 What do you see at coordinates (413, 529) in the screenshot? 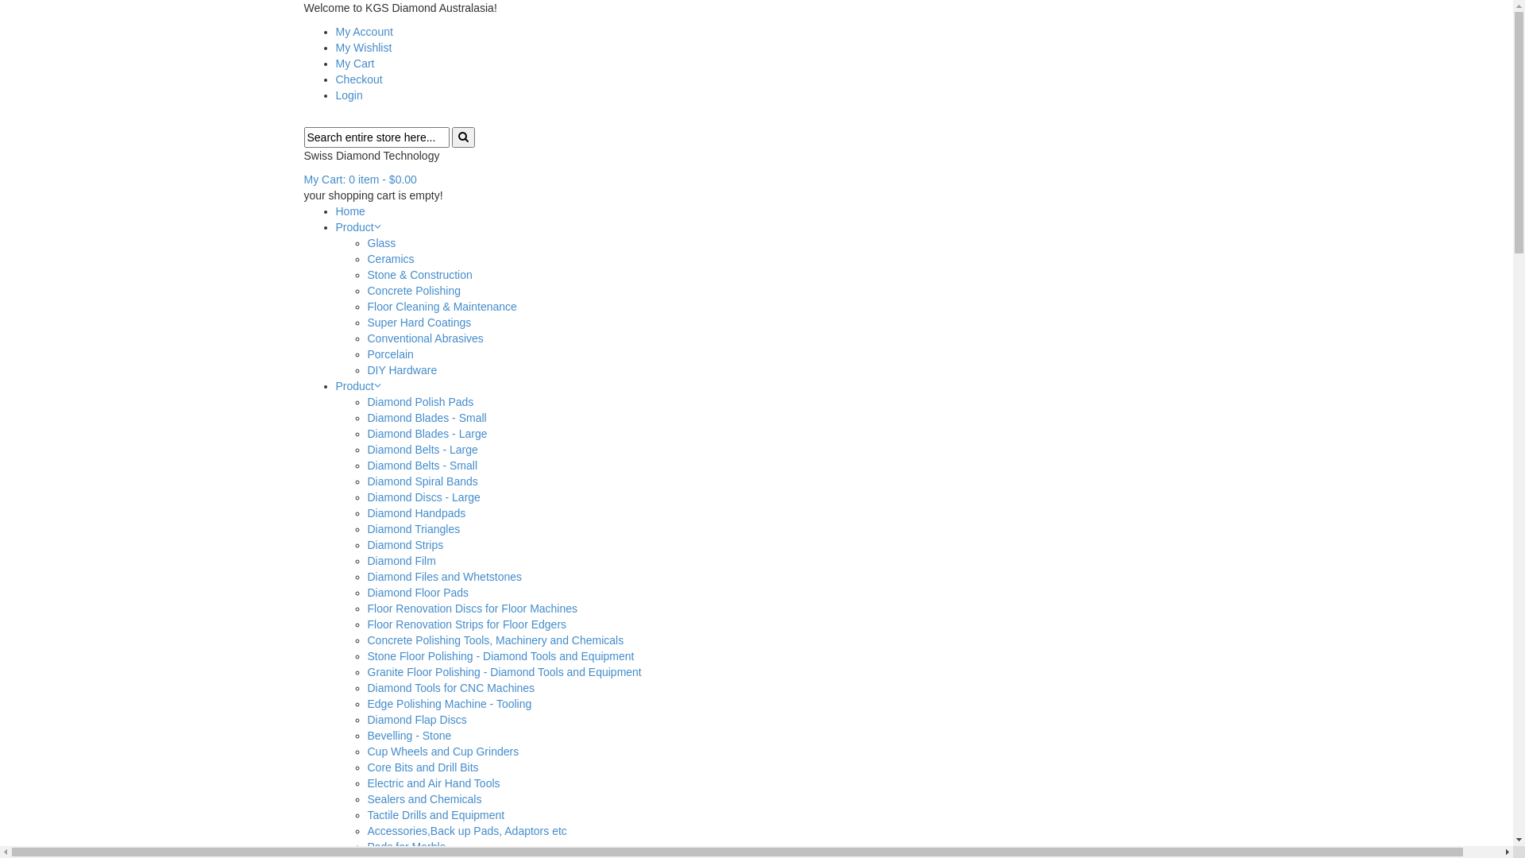
I see `'Diamond Triangles'` at bounding box center [413, 529].